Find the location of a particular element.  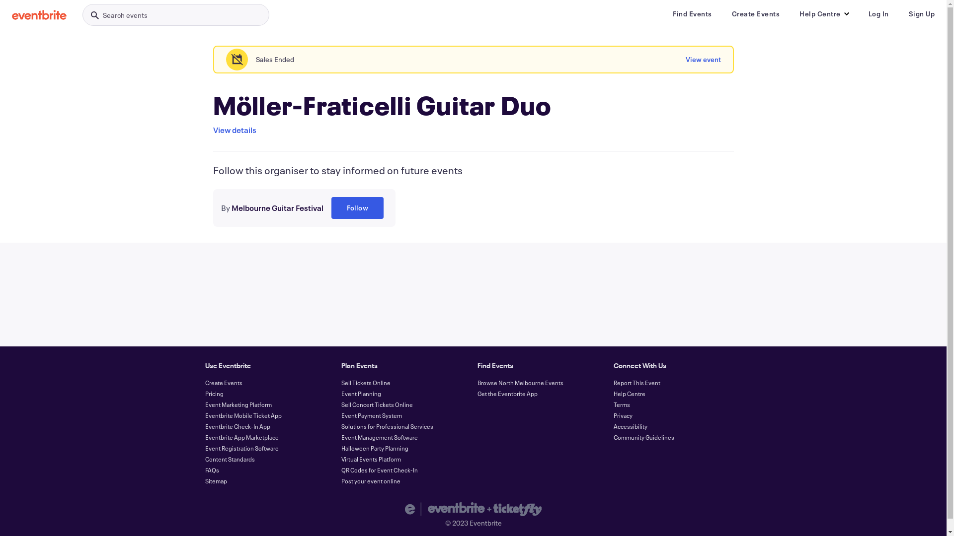

'Sitemap' is located at coordinates (215, 480).